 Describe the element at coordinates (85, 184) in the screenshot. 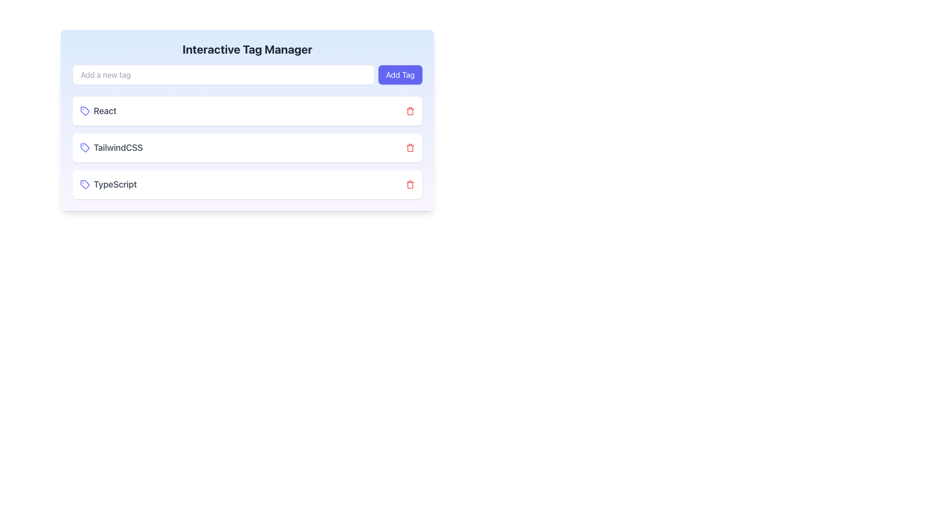

I see `the SVG tag icon element styled with an indigo stroke, located to the left of the 'TypeScript' text` at that location.